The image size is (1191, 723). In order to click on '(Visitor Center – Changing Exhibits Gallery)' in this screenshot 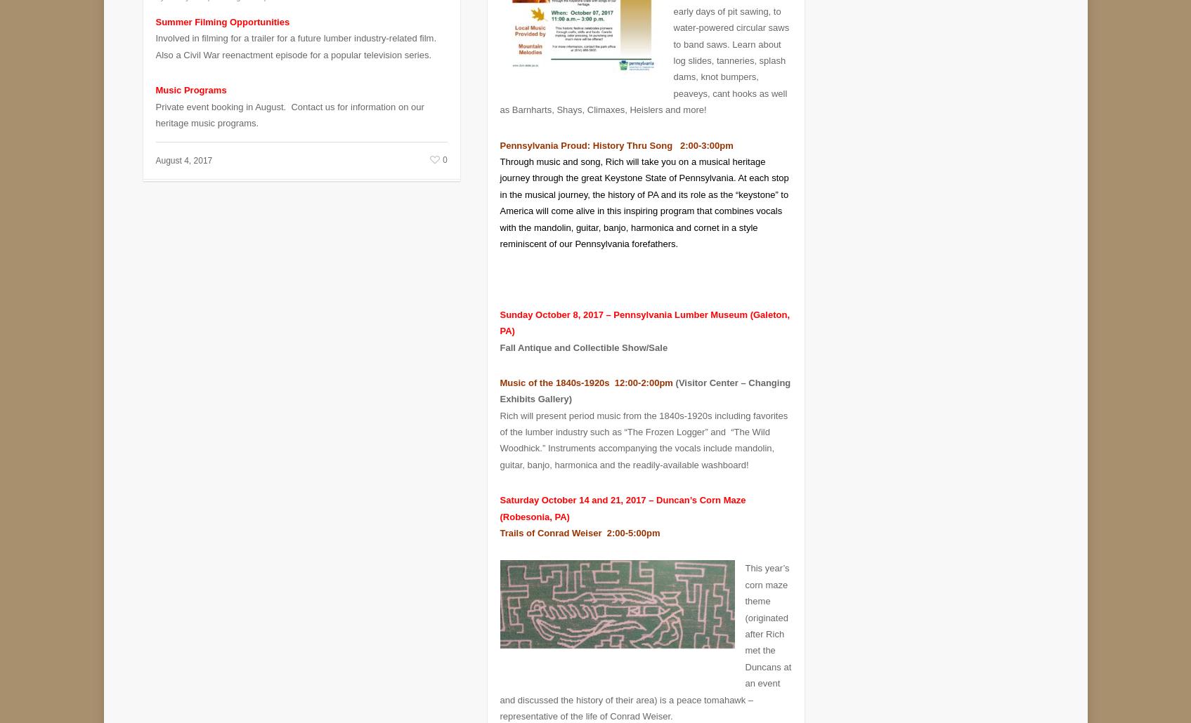, I will do `click(645, 380)`.